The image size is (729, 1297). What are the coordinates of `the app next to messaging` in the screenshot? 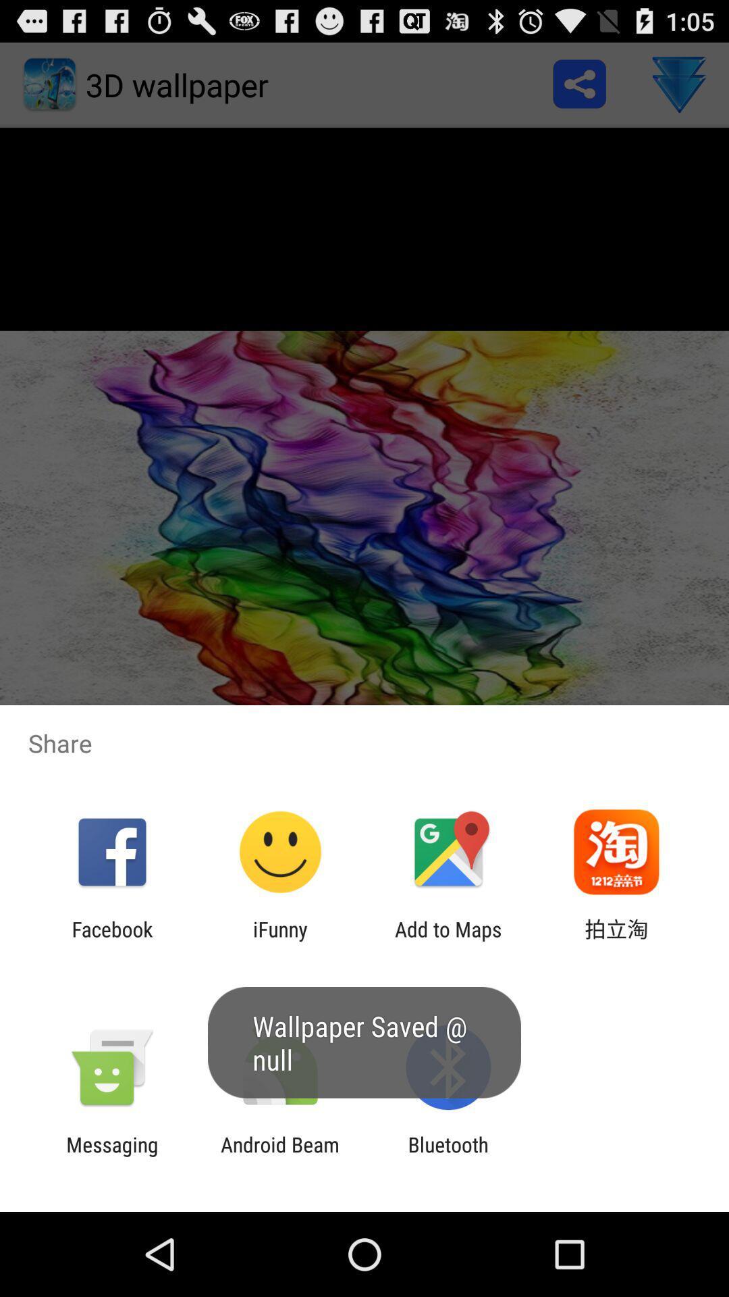 It's located at (279, 1156).